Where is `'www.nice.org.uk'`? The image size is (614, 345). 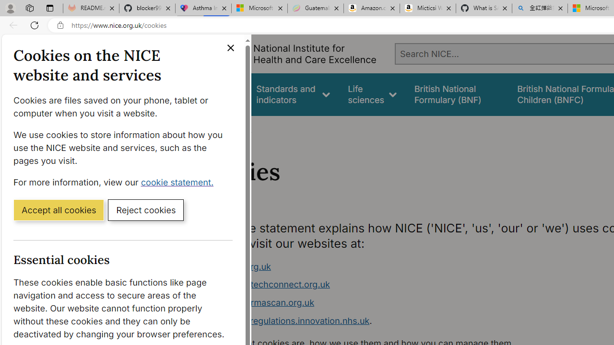 'www.nice.org.uk' is located at coordinates (236, 266).